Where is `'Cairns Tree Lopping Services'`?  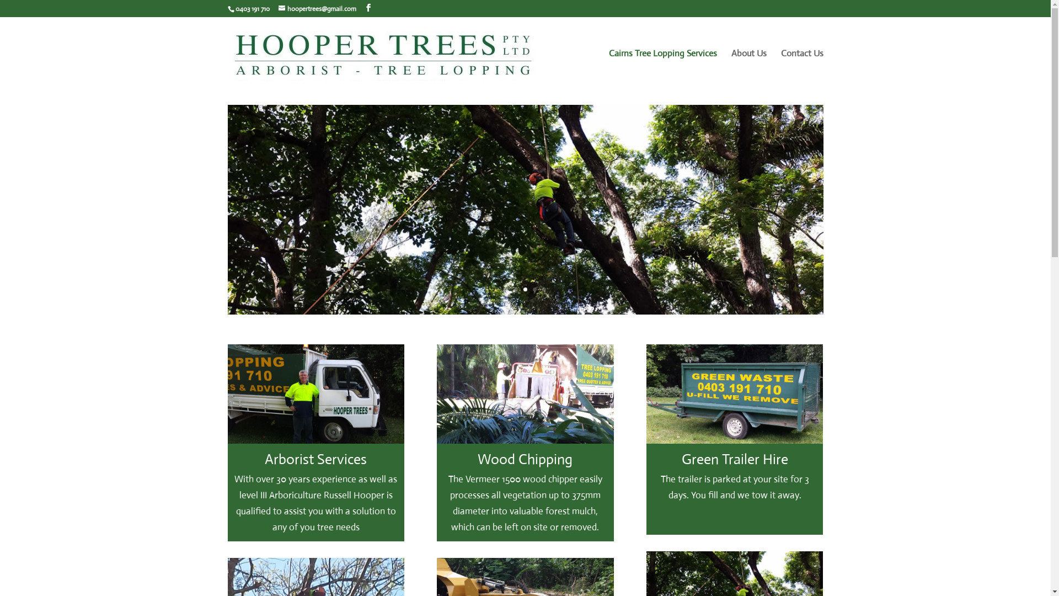 'Cairns Tree Lopping Services' is located at coordinates (662, 70).